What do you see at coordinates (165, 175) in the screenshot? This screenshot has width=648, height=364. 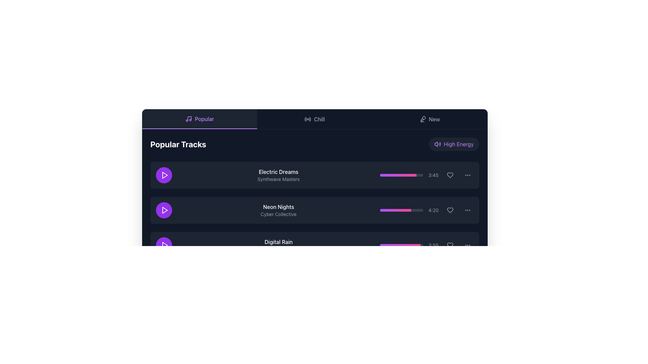 I see `the play button for the track 'Electric Dreams' located in the 'Popular Tracks' section` at bounding box center [165, 175].